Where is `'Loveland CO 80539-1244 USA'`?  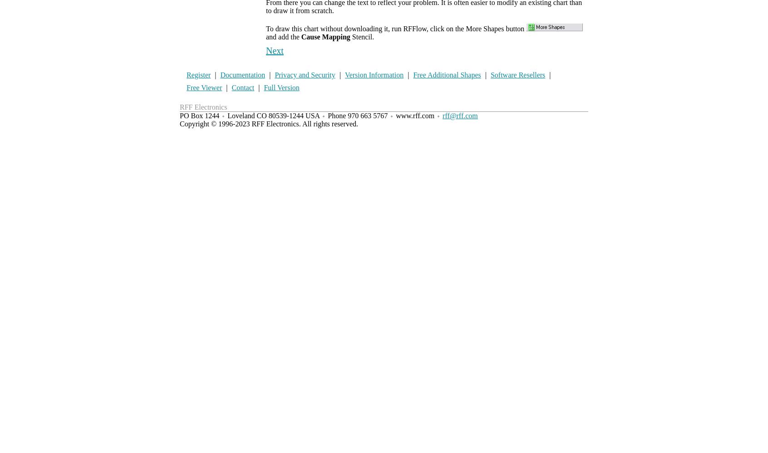
'Loveland CO 80539-1244 USA' is located at coordinates (273, 116).